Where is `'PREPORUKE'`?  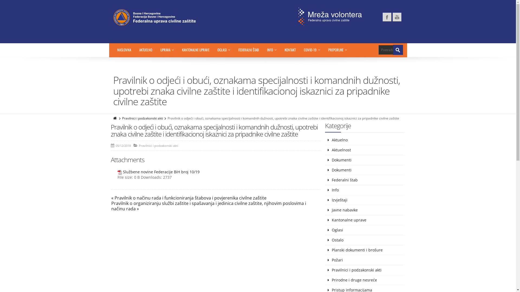
'PREPORUKE' is located at coordinates (337, 50).